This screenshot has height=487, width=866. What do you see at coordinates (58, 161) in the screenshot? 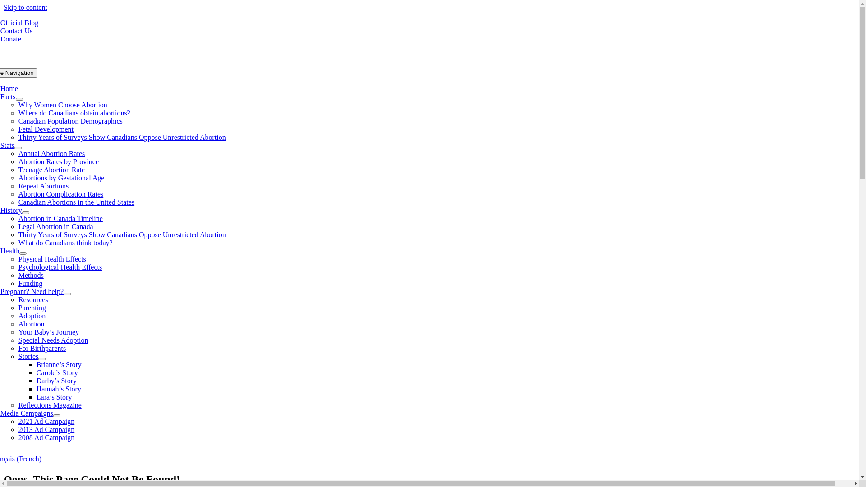
I see `'Abortion Rates by Province'` at bounding box center [58, 161].